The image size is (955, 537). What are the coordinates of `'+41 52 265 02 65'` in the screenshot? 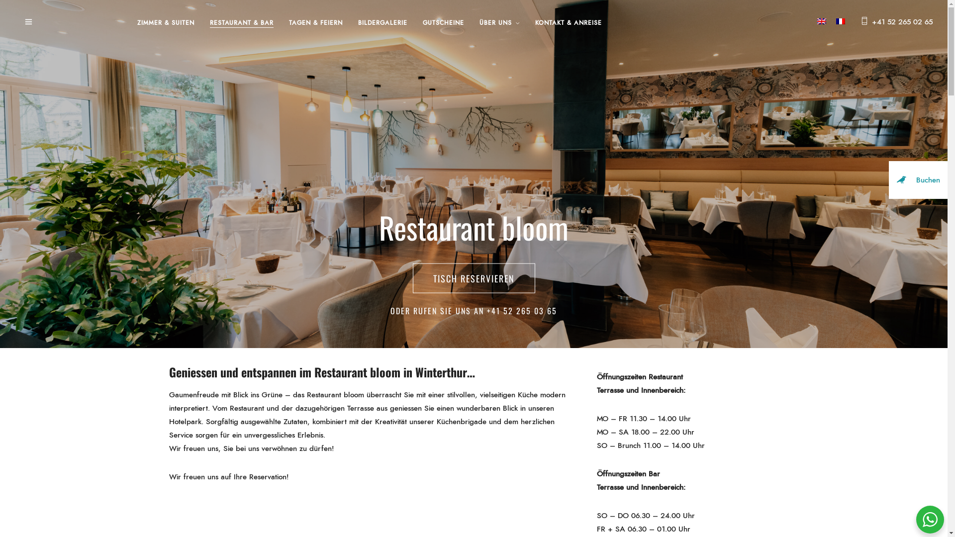 It's located at (902, 22).